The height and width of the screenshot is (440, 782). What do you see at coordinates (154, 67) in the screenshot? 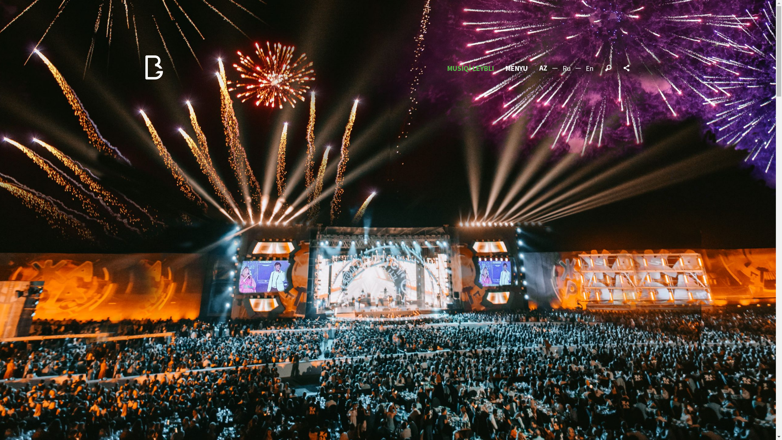
I see `'BEAT Group'` at bounding box center [154, 67].